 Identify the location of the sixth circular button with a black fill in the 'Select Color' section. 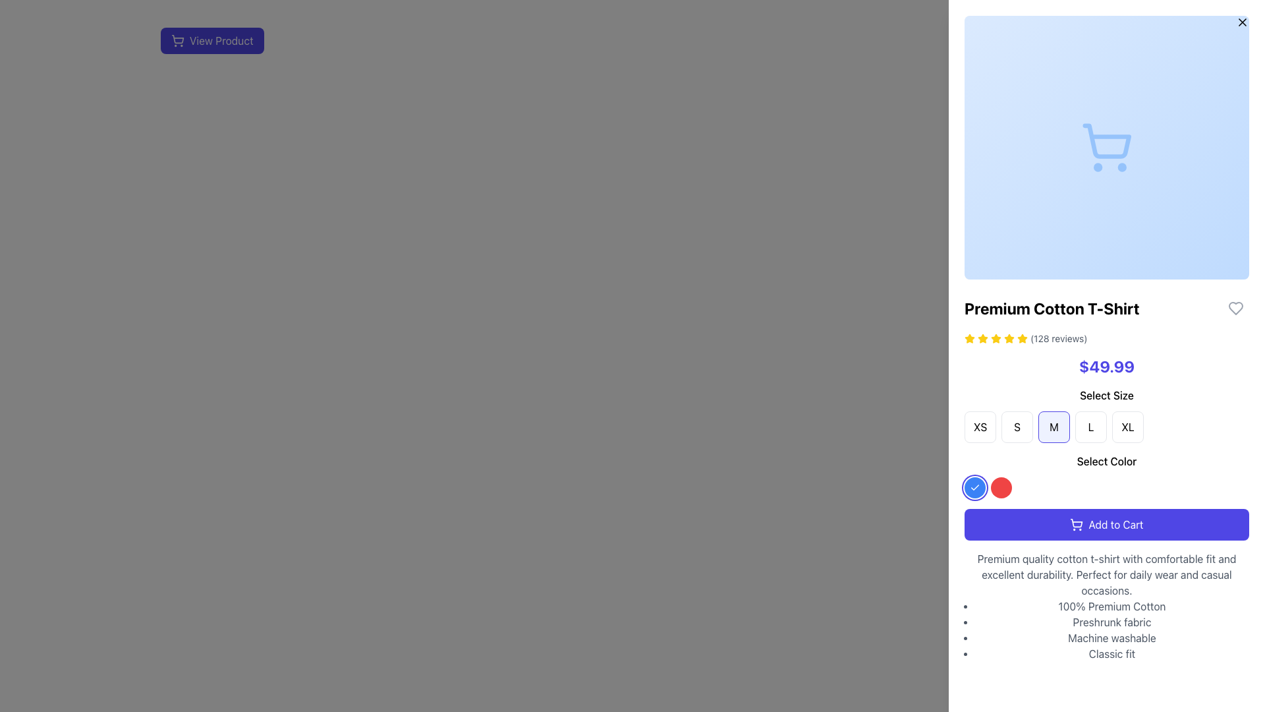
(1053, 488).